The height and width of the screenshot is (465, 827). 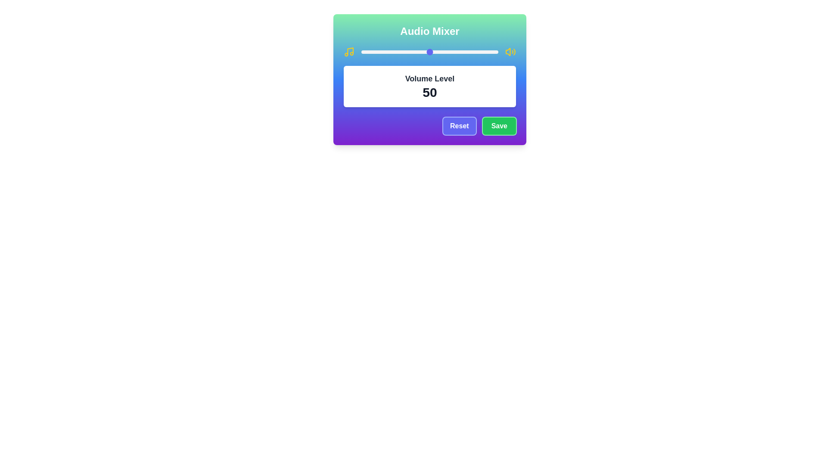 I want to click on the volume level, so click(x=426, y=52).